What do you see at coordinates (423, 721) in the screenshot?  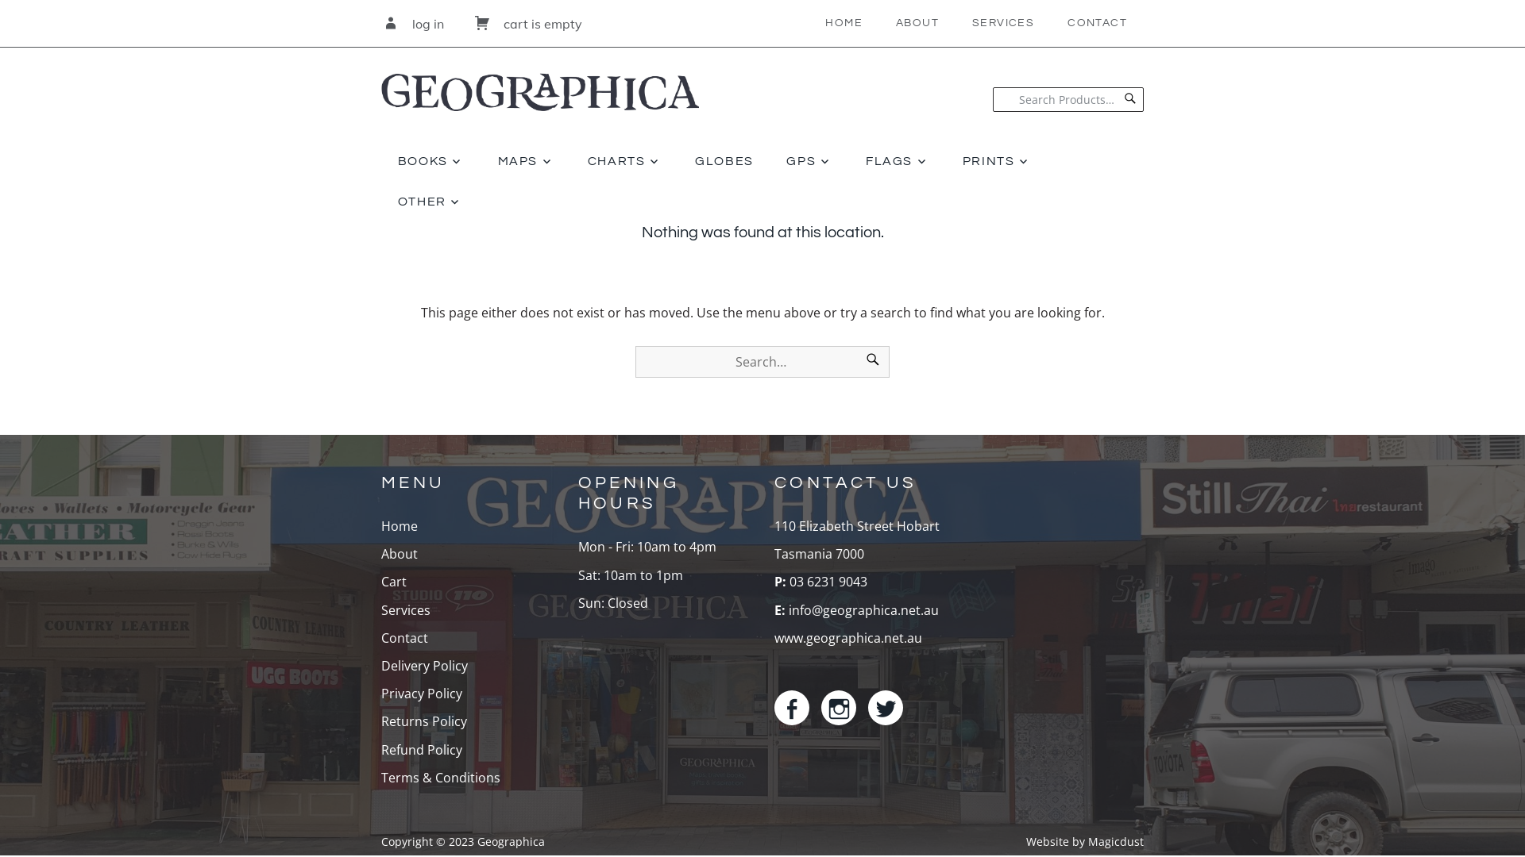 I see `'Returns Policy'` at bounding box center [423, 721].